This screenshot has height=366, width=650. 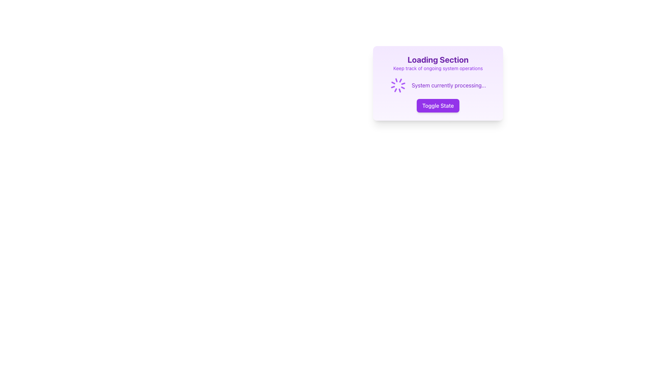 I want to click on the status indicator text label with a graphical loader icon located in the bottom third section of the card, so click(x=438, y=85).